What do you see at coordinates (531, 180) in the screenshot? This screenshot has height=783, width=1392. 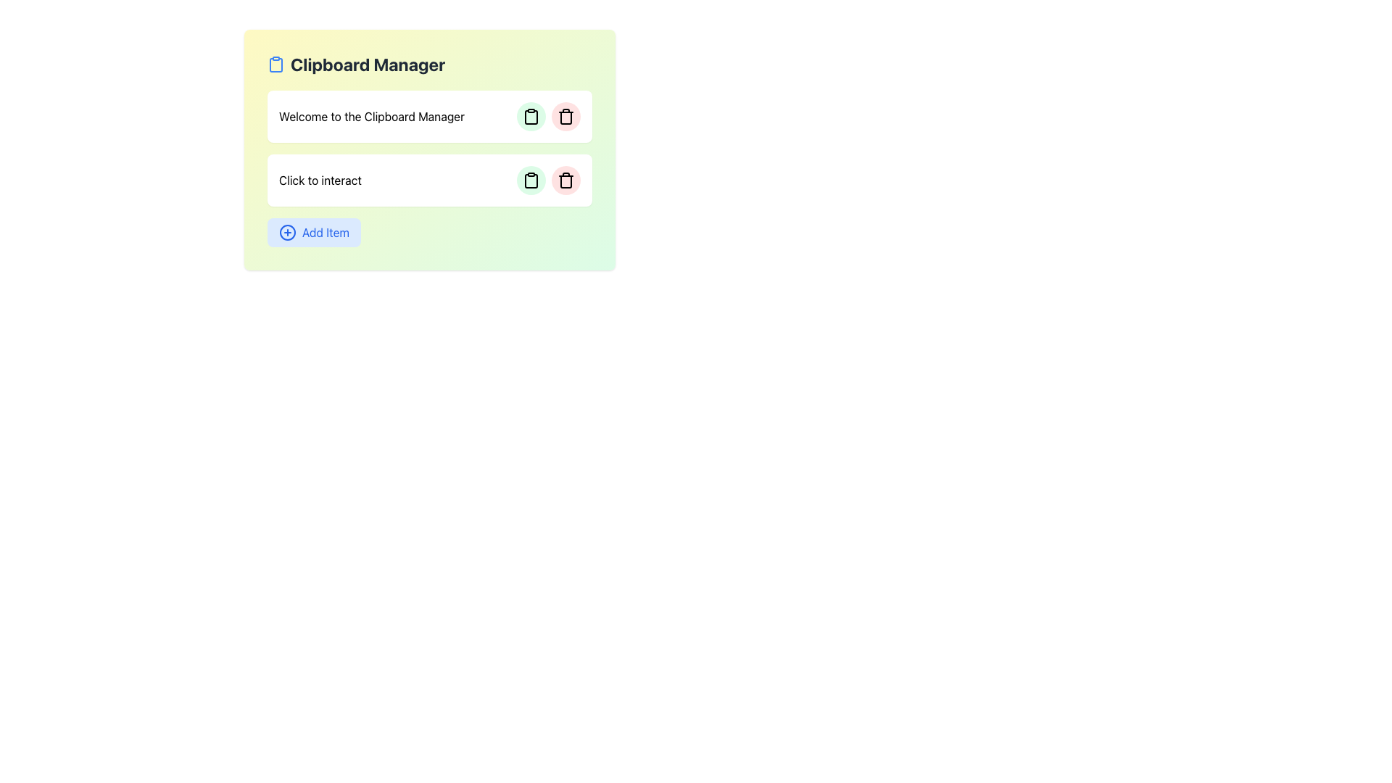 I see `the clipboard manager button located in the second row, first icon on the left` at bounding box center [531, 180].